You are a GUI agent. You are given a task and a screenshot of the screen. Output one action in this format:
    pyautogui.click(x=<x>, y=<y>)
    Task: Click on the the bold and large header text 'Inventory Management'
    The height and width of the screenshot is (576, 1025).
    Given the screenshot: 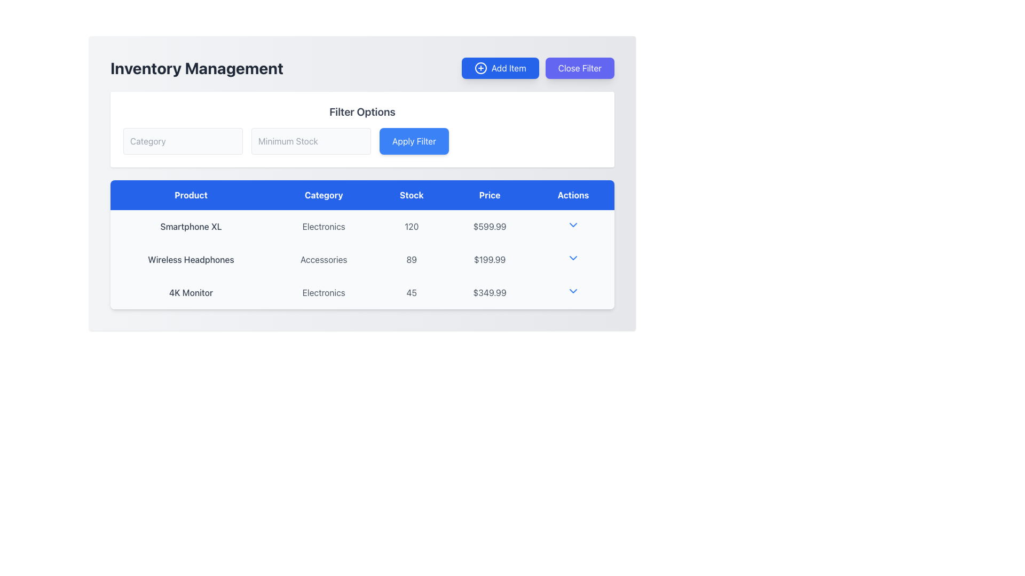 What is the action you would take?
    pyautogui.click(x=197, y=68)
    